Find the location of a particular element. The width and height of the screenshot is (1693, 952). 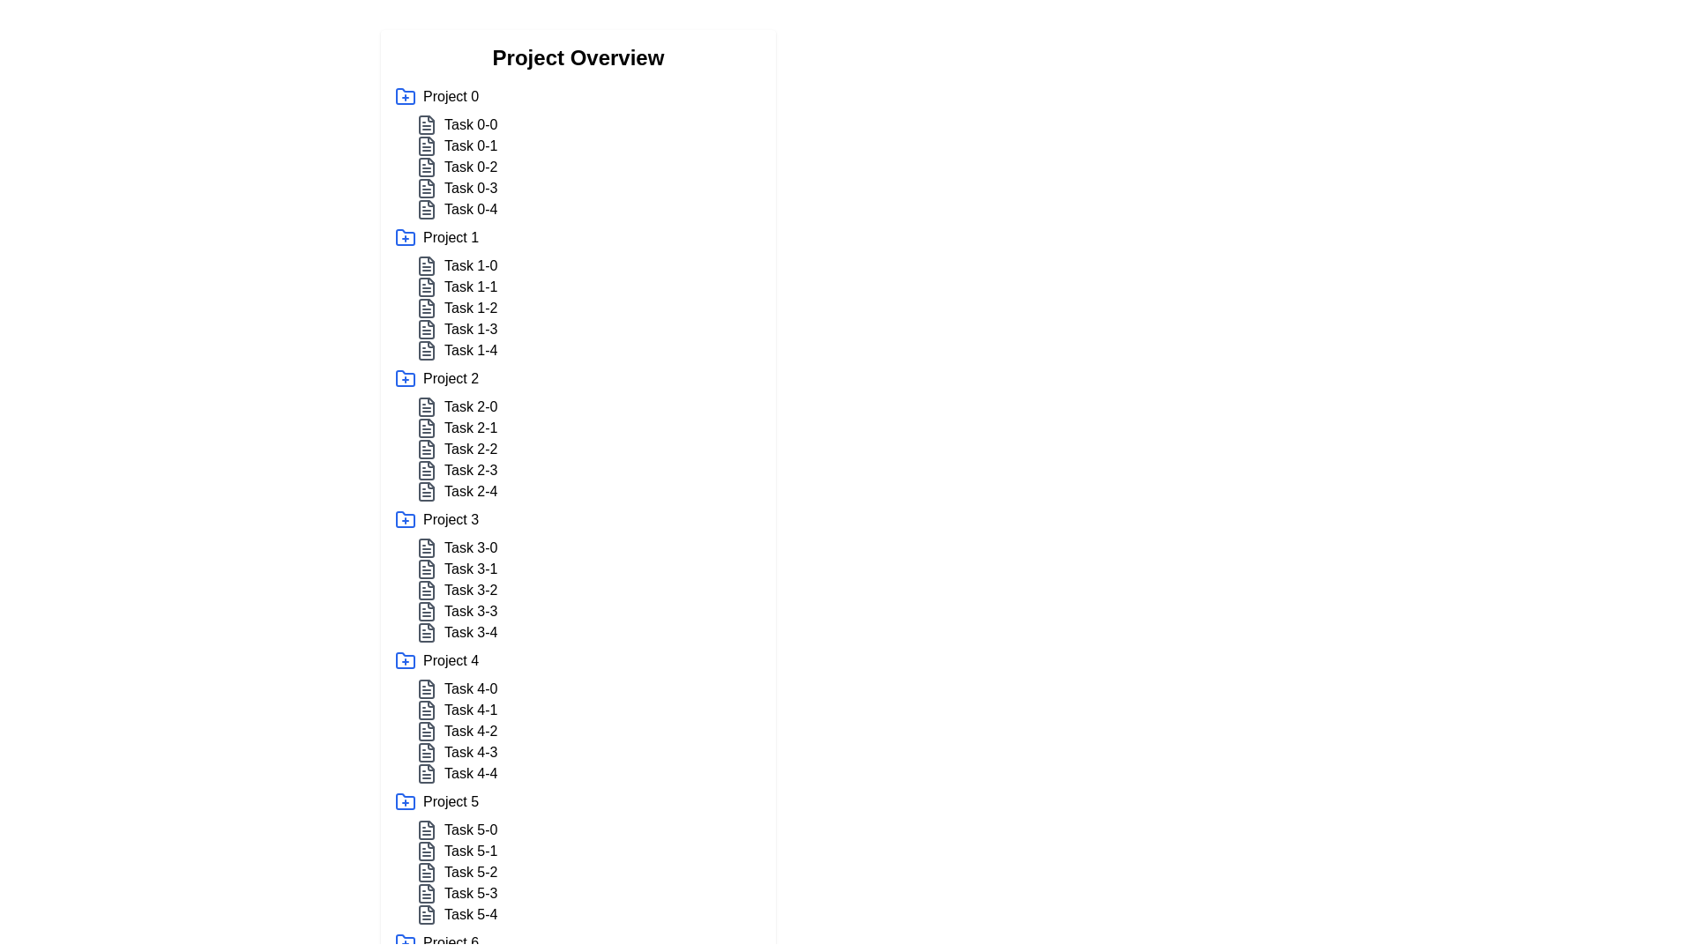

the text label indicating 'Task 2-0' under the 'Project 2' section in the 'Project Overview' list is located at coordinates (471, 407).